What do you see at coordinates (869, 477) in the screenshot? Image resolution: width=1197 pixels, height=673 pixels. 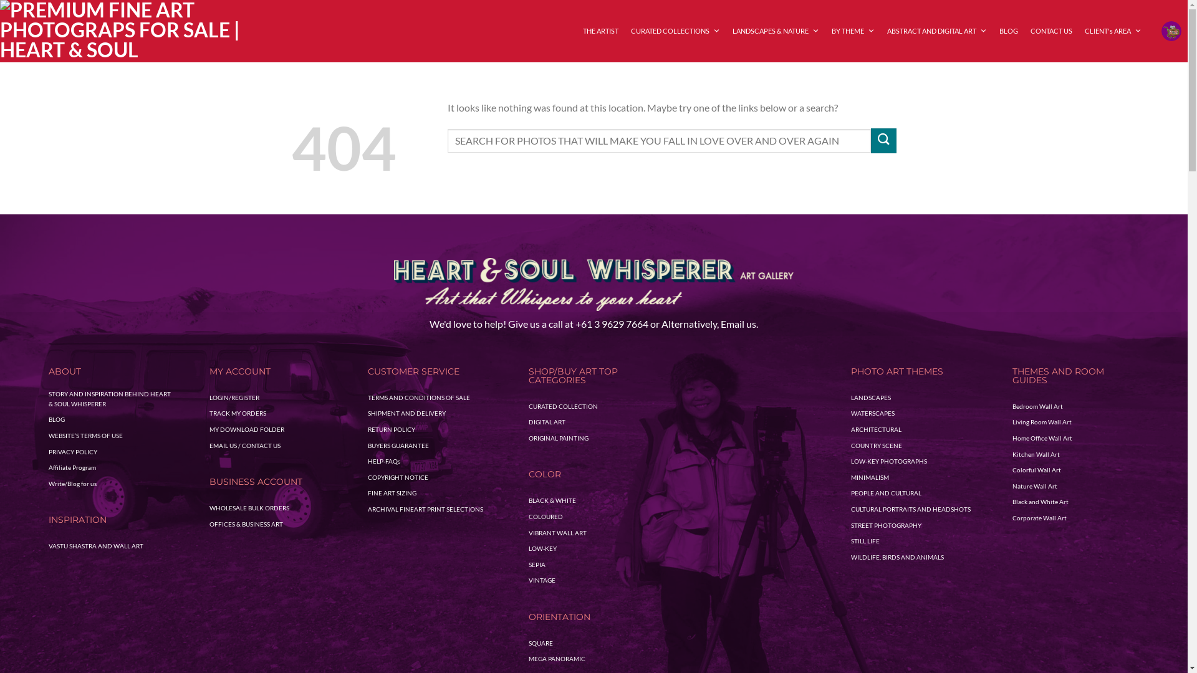 I see `'MINIMALISM'` at bounding box center [869, 477].